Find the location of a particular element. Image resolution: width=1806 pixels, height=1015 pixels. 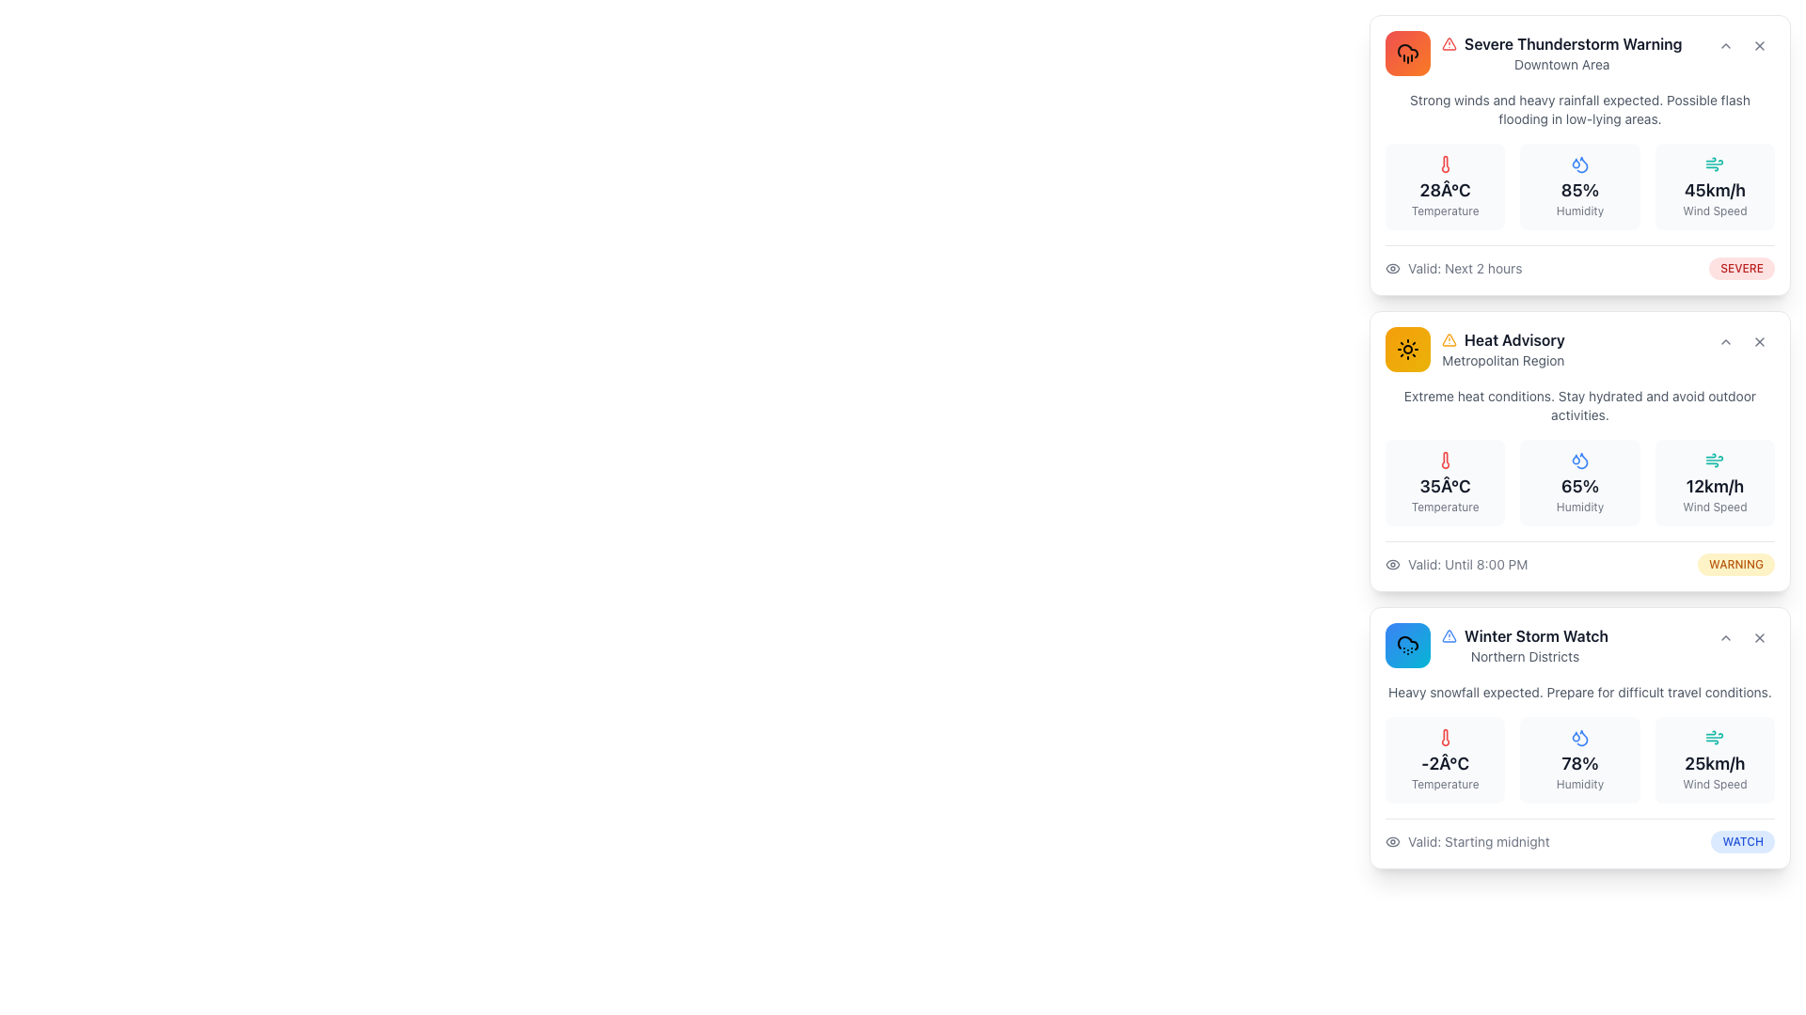

the temperature icon located at the top-center of the weather warning card, which visually represents the temperature metric and is situated above the numerical temperature reading ('28°C') is located at coordinates (1444, 163).